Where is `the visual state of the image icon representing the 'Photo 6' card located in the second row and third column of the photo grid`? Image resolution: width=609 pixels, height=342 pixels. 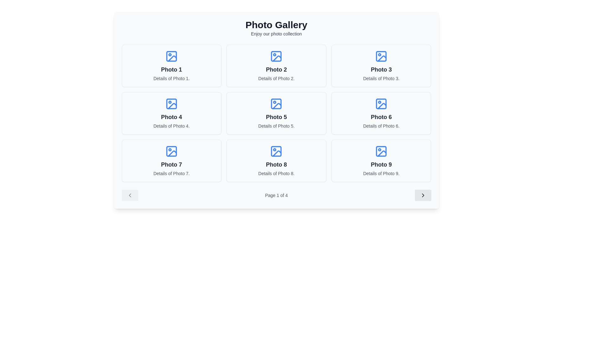
the visual state of the image icon representing the 'Photo 6' card located in the second row and third column of the photo grid is located at coordinates (381, 103).